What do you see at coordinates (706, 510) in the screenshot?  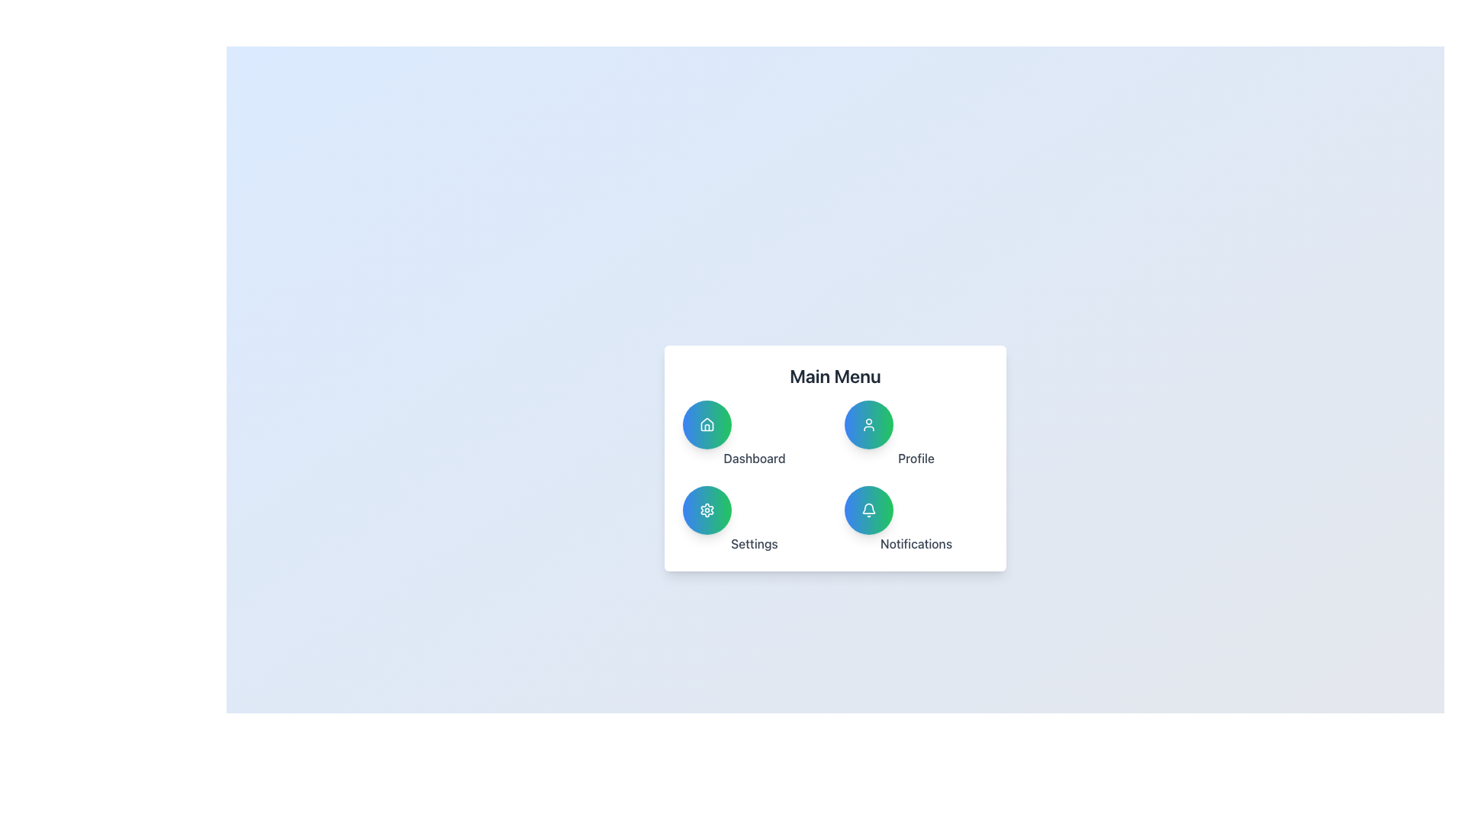 I see `the cog-shaped settings icon located in the bottom-left corner of the 2x2 icon grid below the title 'Main Menu'` at bounding box center [706, 510].